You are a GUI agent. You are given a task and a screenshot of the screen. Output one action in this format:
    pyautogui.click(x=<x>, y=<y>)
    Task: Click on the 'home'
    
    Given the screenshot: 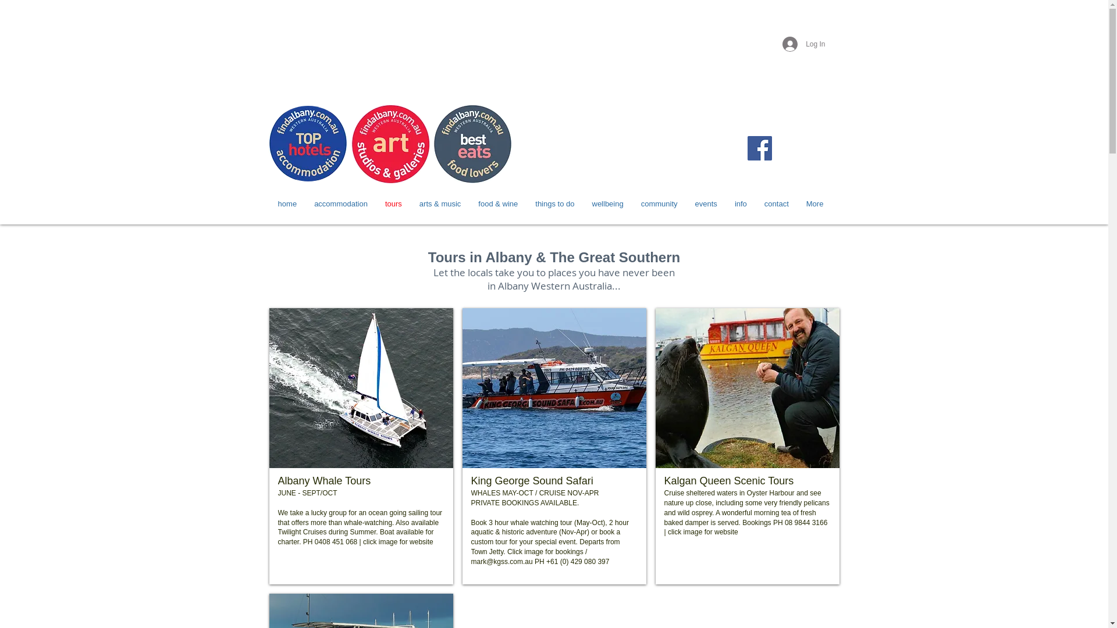 What is the action you would take?
    pyautogui.click(x=287, y=205)
    